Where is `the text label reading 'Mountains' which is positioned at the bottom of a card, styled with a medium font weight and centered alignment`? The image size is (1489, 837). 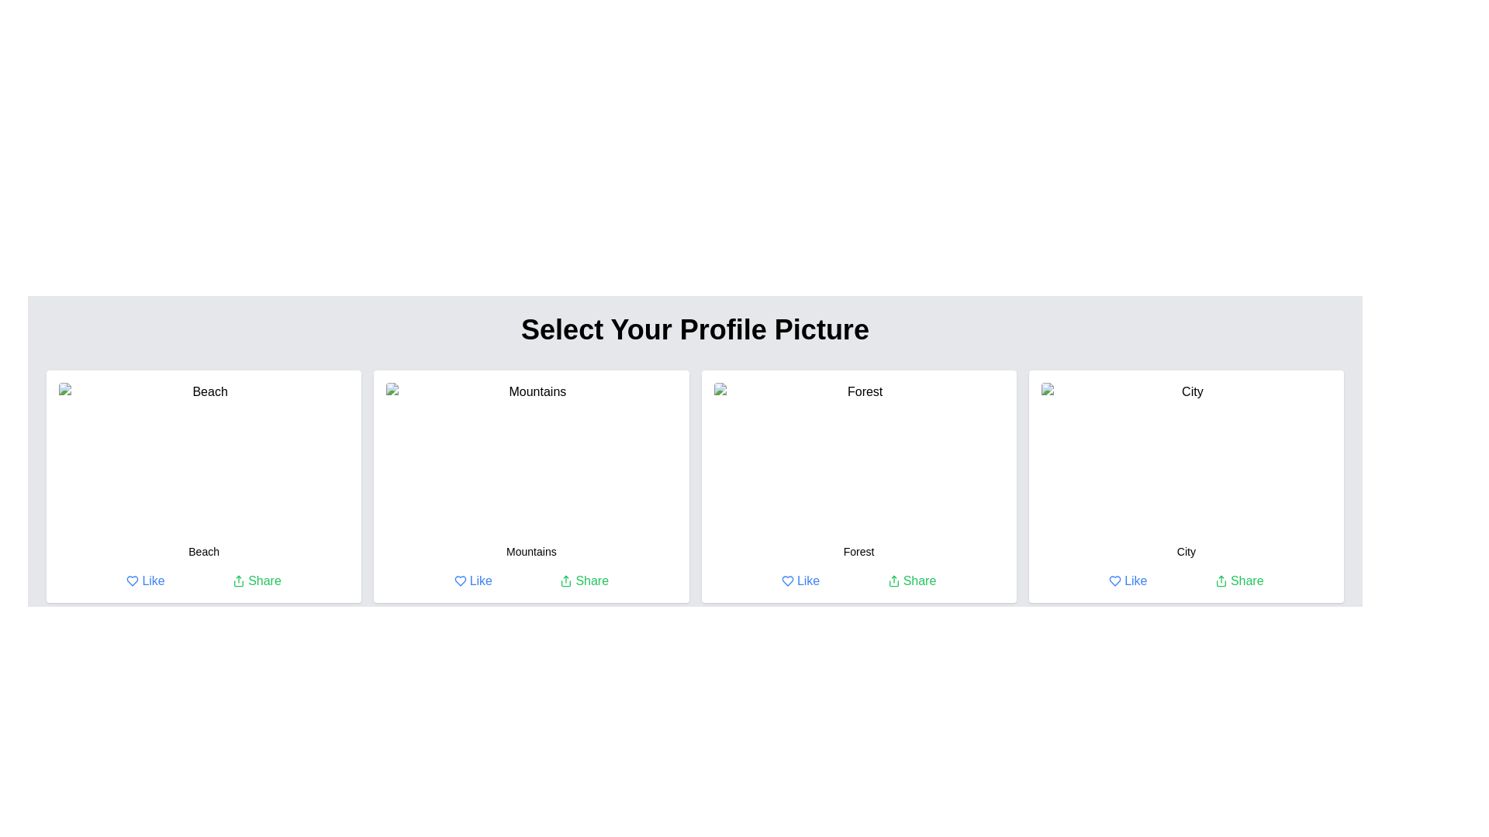
the text label reading 'Mountains' which is positioned at the bottom of a card, styled with a medium font weight and centered alignment is located at coordinates (531, 551).